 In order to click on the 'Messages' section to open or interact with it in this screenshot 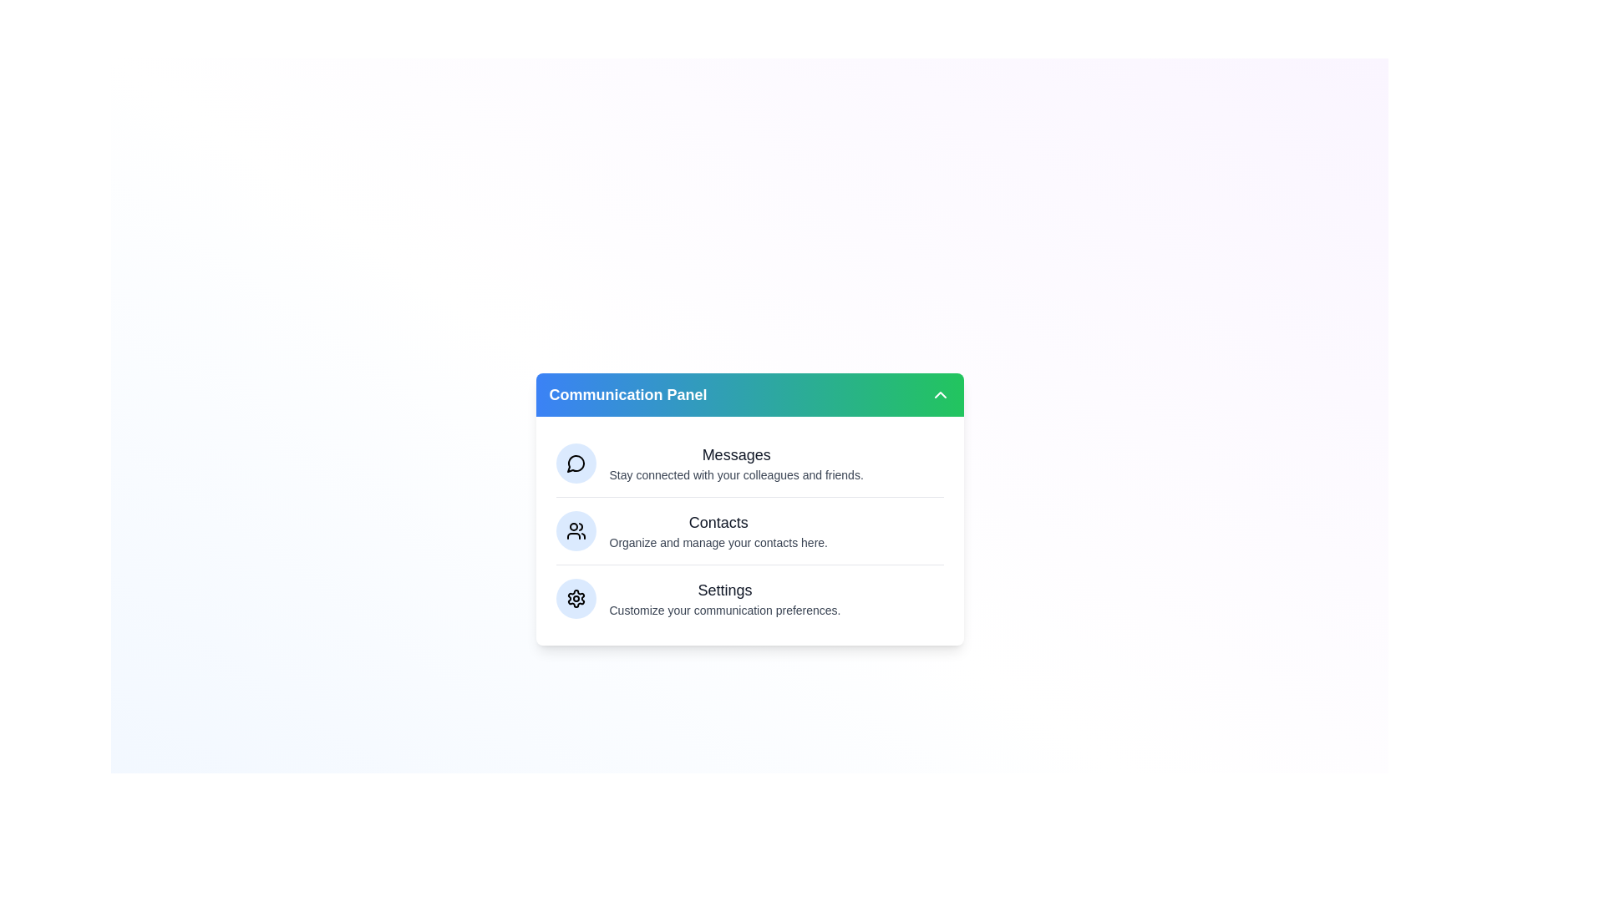, I will do `click(749, 464)`.